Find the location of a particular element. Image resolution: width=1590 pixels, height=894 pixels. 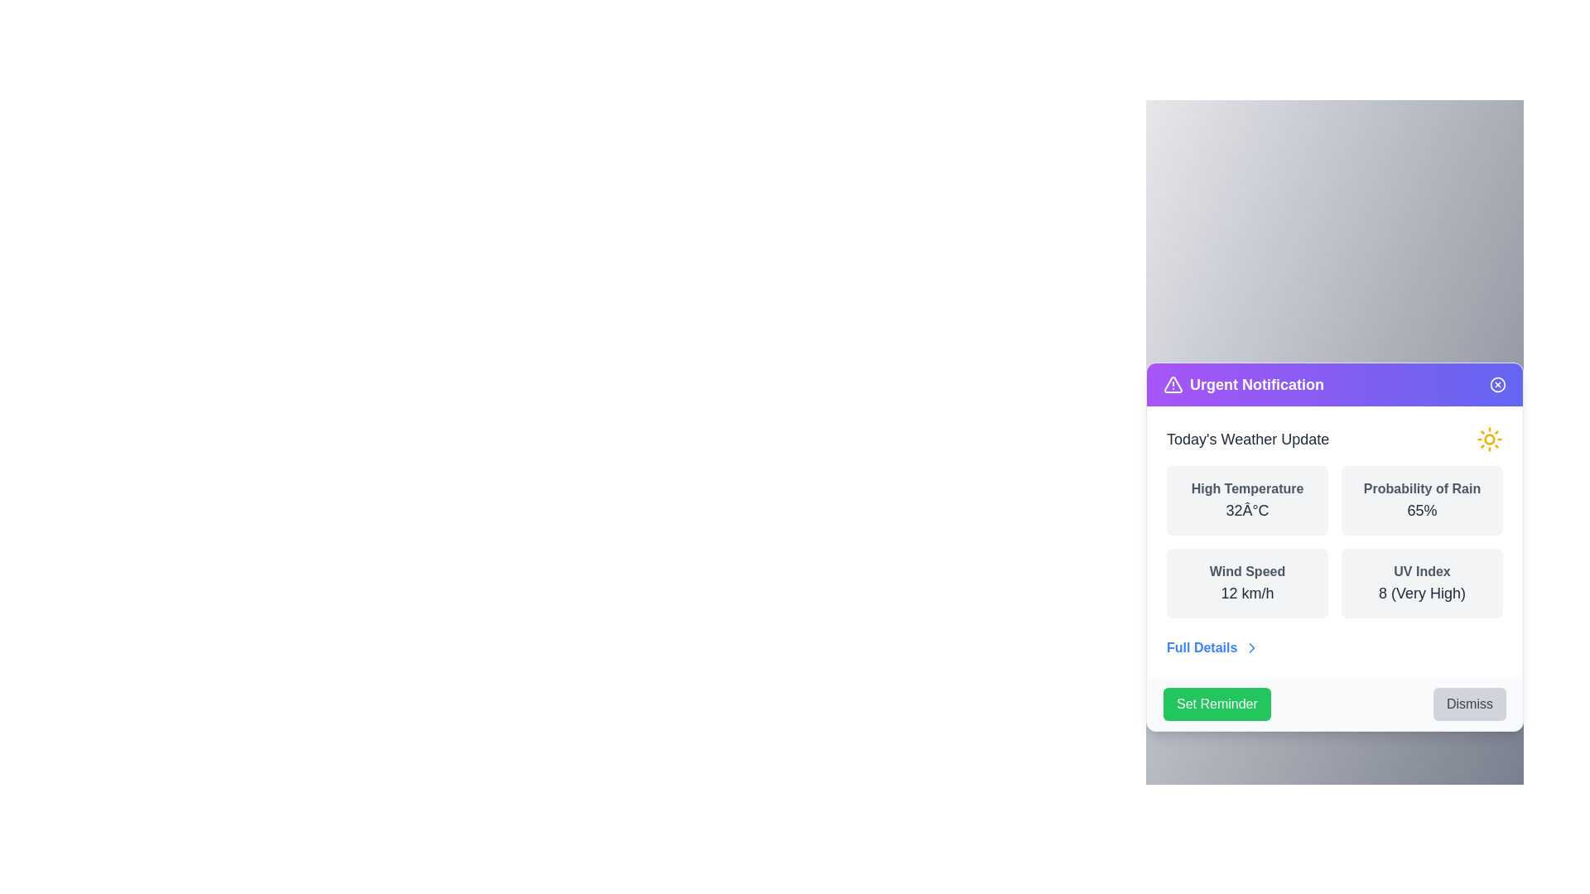

the hyperlink-like text element located below the 'Wind Speed' and 'UV Index' summary boxes to follow the link for more extensive weather details is located at coordinates (1202, 647).